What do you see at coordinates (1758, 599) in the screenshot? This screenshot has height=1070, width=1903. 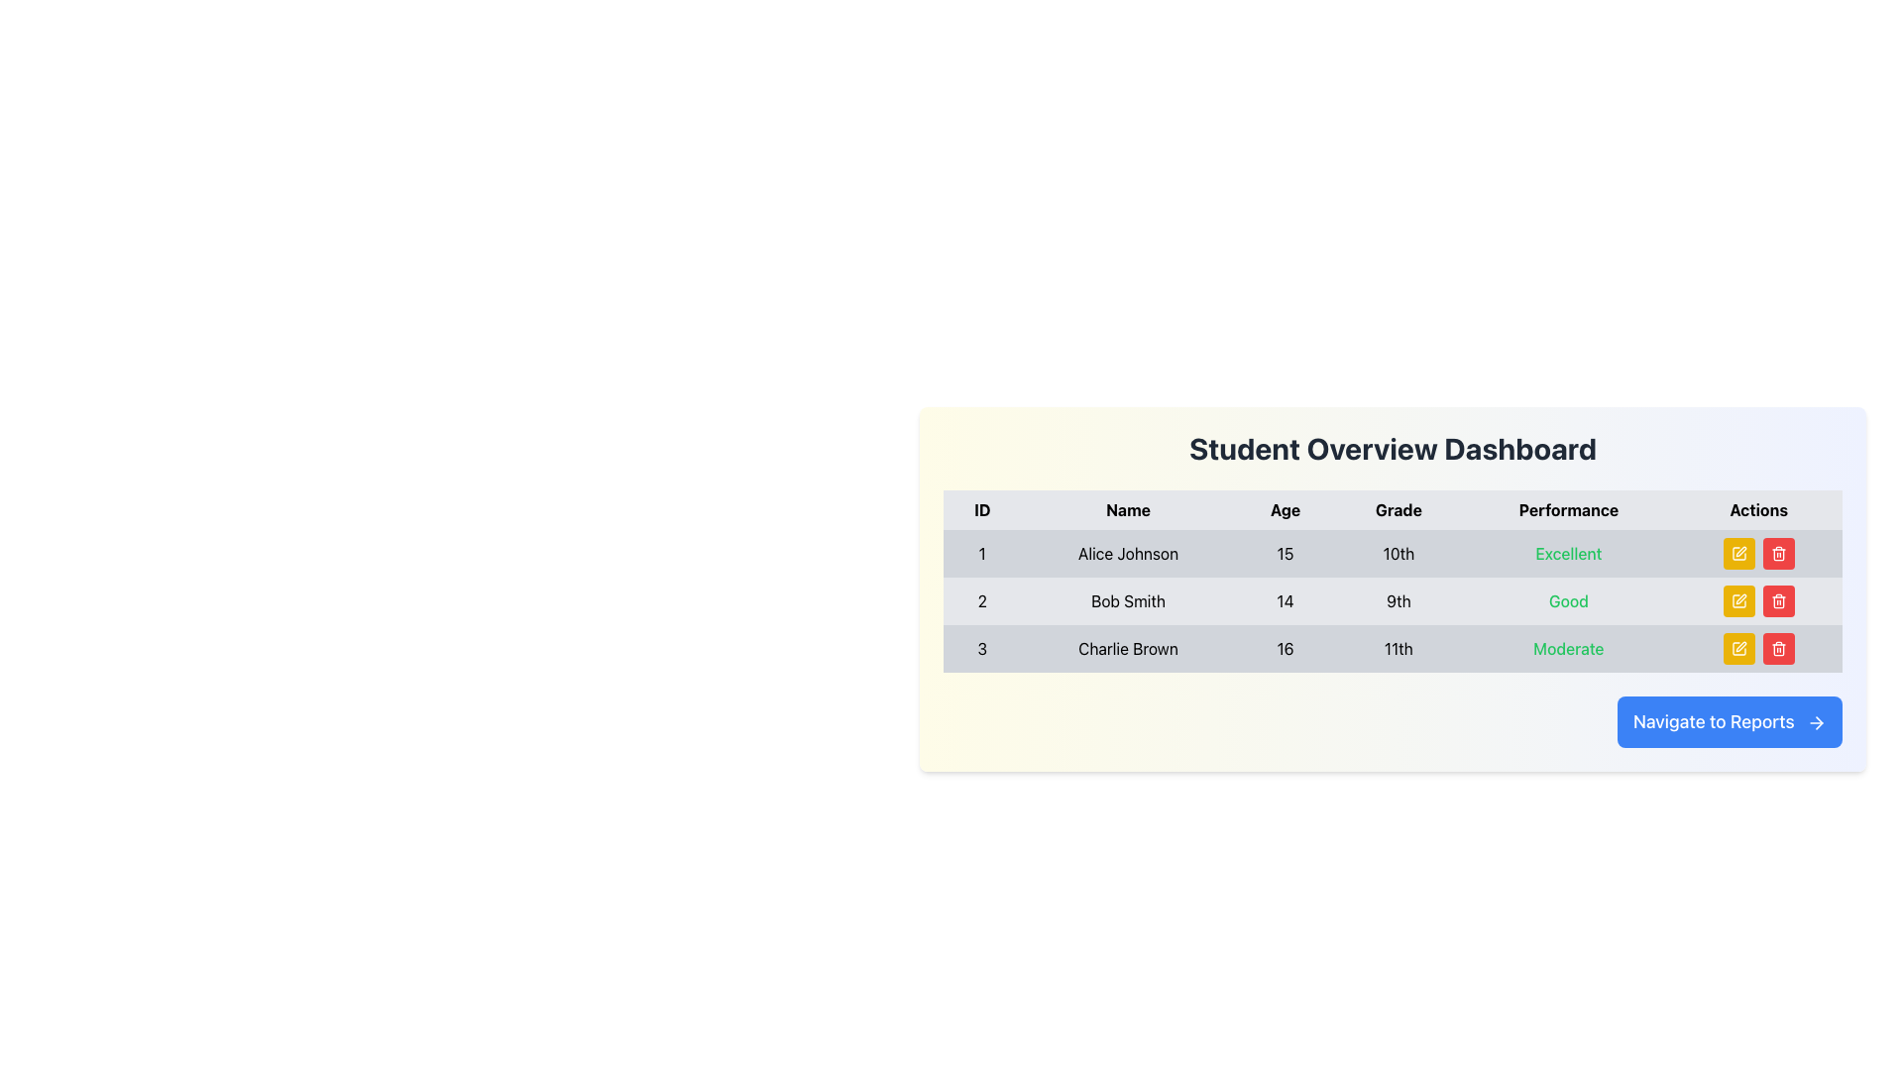 I see `the delete button in the Button Group for the 'Bob Smith' row in the table` at bounding box center [1758, 599].